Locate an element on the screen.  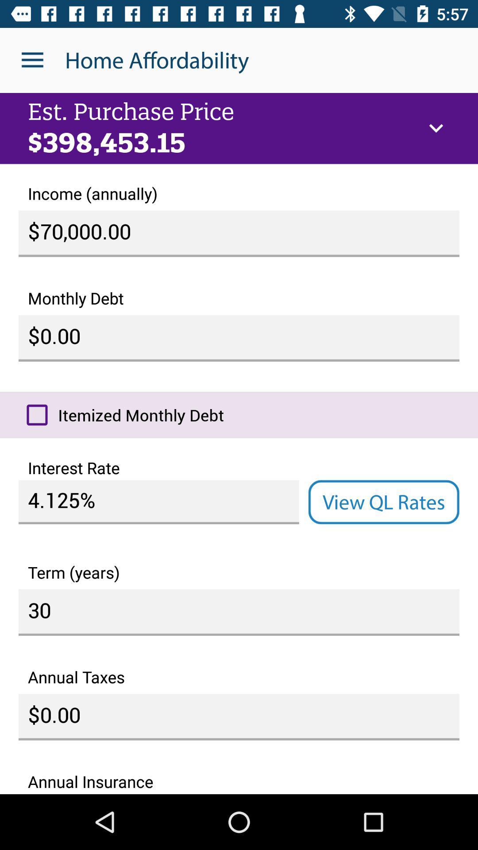
move to the text below the text interest rate on the web page is located at coordinates (158, 502).